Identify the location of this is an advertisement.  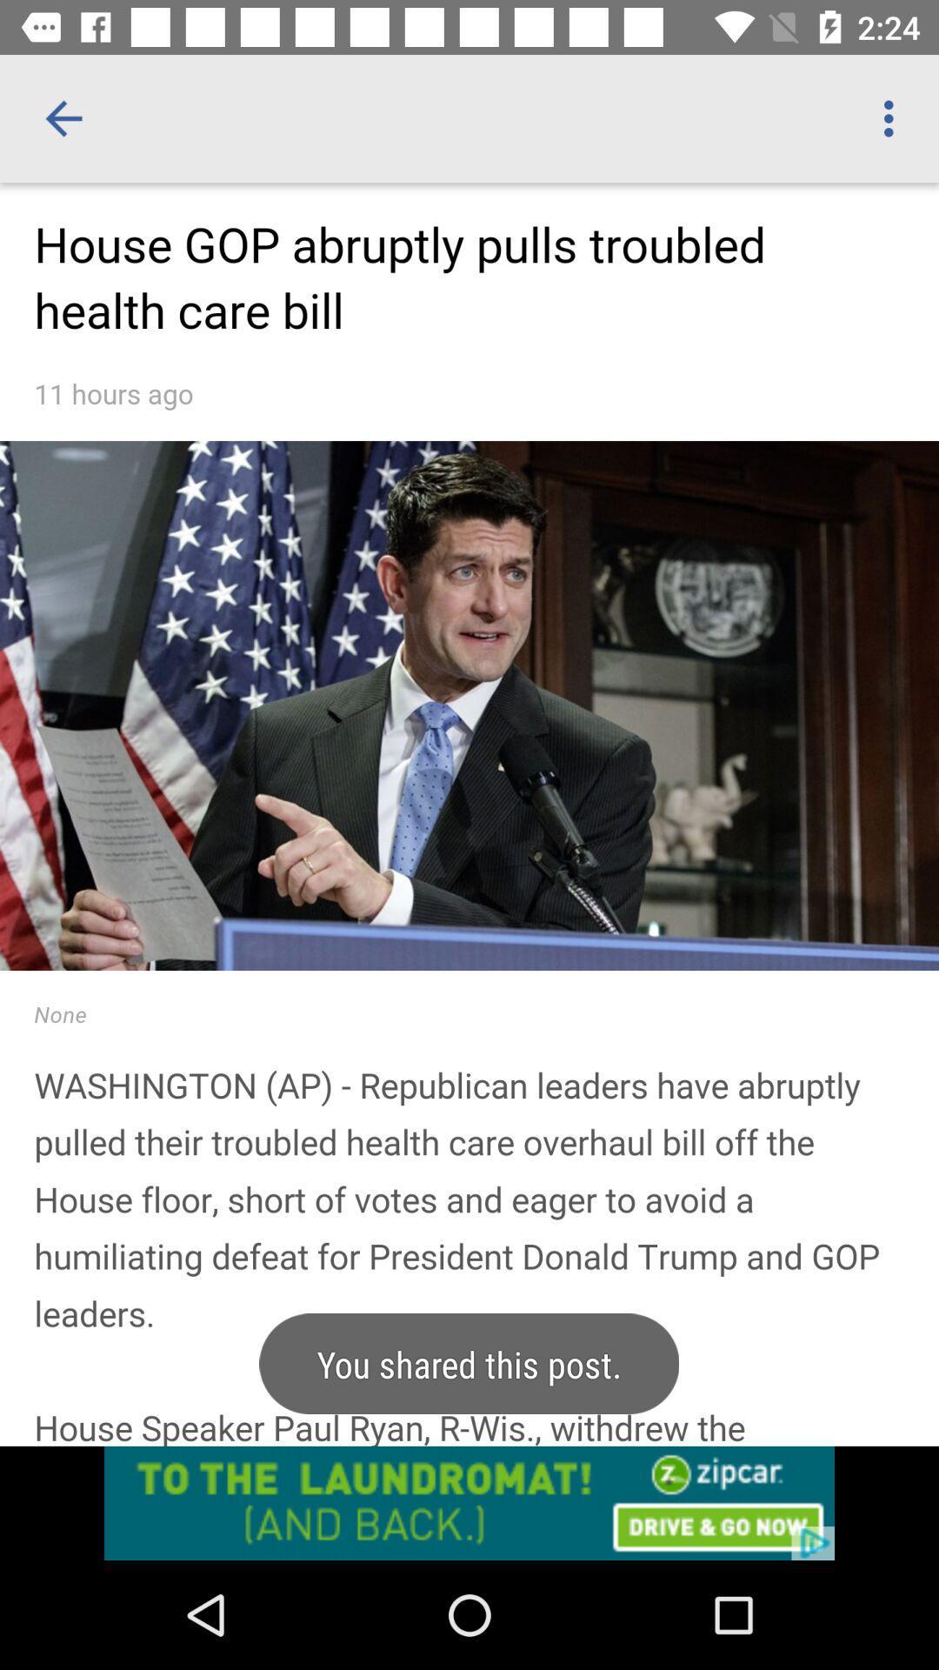
(469, 1502).